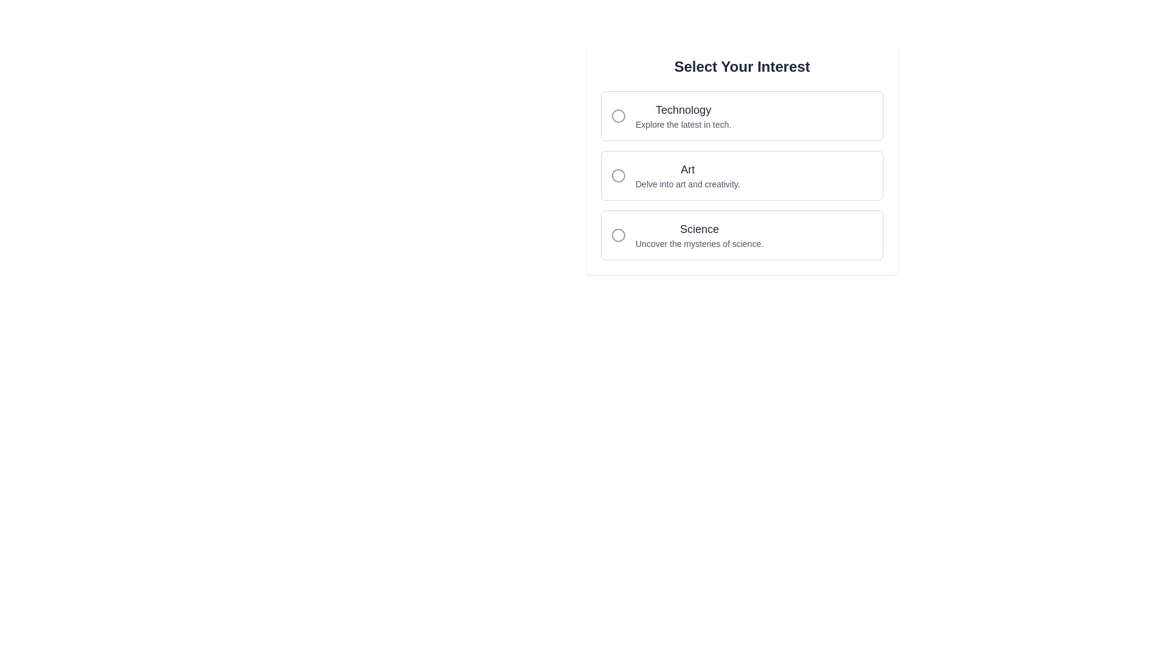 Image resolution: width=1169 pixels, height=657 pixels. I want to click on the 'Art' radio button, so click(742, 176).